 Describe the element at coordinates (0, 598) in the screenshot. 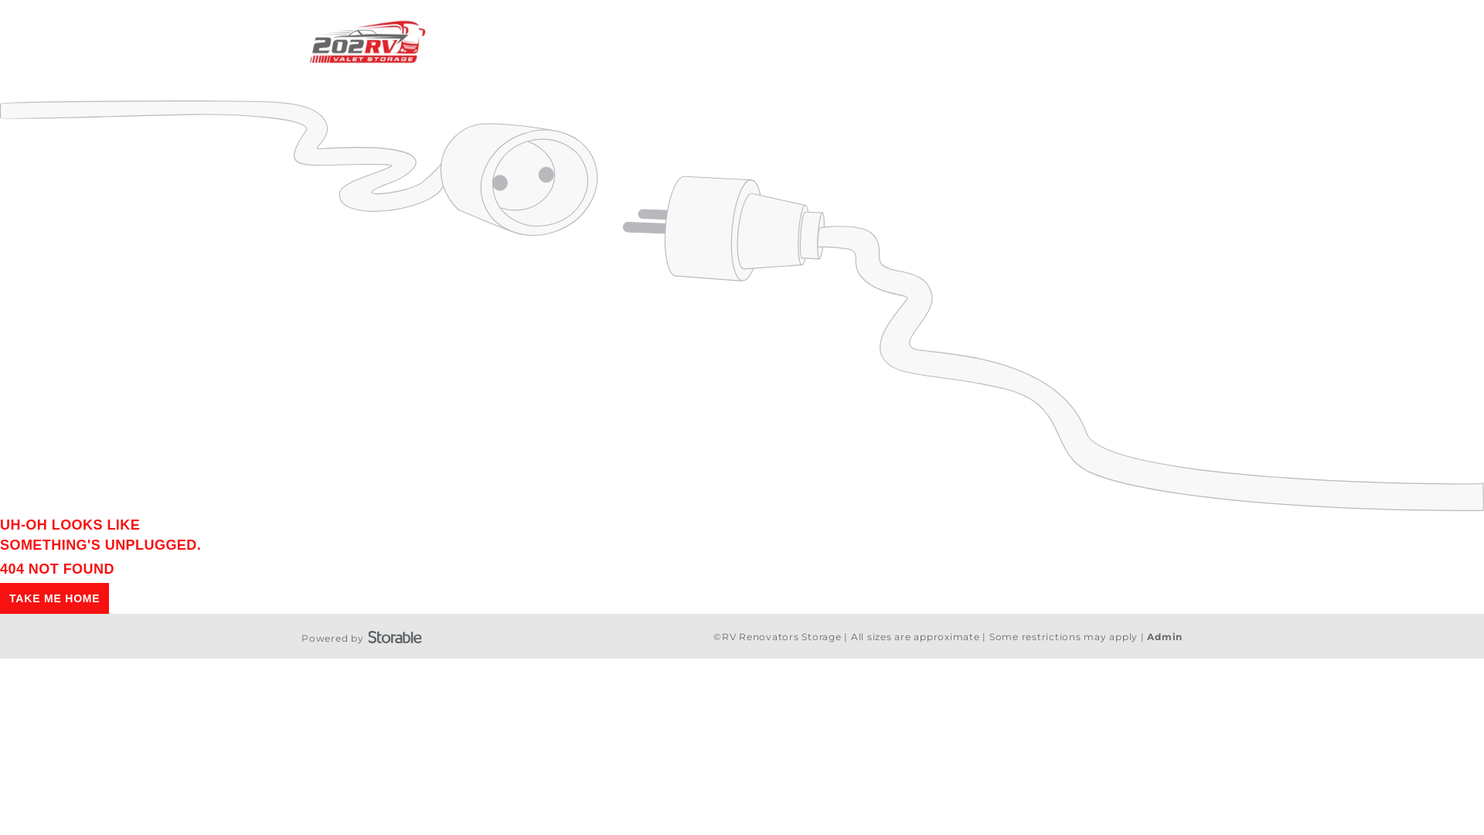

I see `'TAKE ME HOME'` at that location.